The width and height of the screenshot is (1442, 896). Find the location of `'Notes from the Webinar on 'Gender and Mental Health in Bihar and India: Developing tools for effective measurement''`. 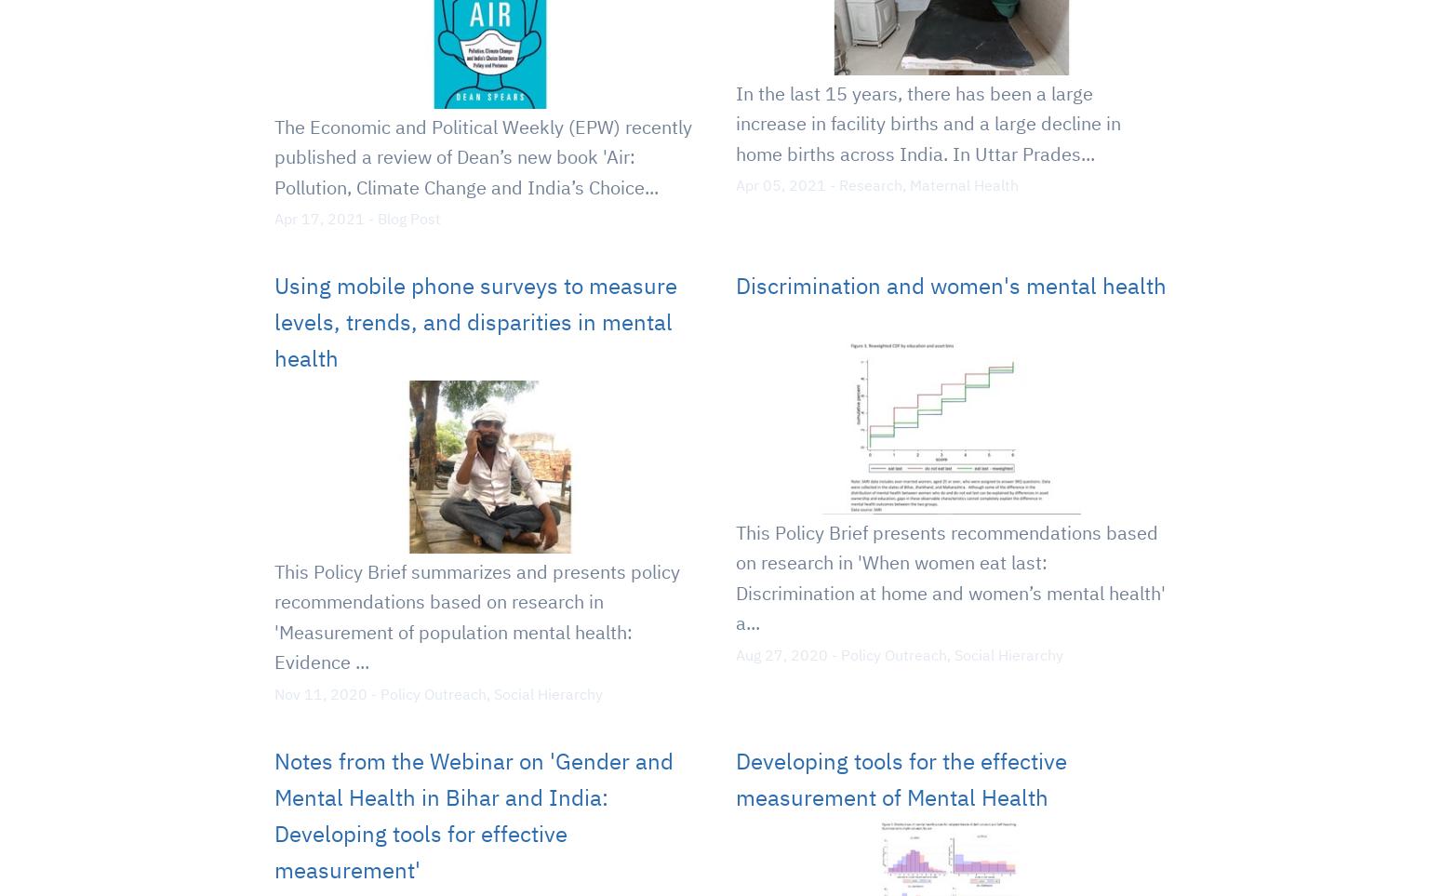

'Notes from the Webinar on 'Gender and Mental Health in Bihar and India: Developing tools for effective measurement'' is located at coordinates (473, 814).